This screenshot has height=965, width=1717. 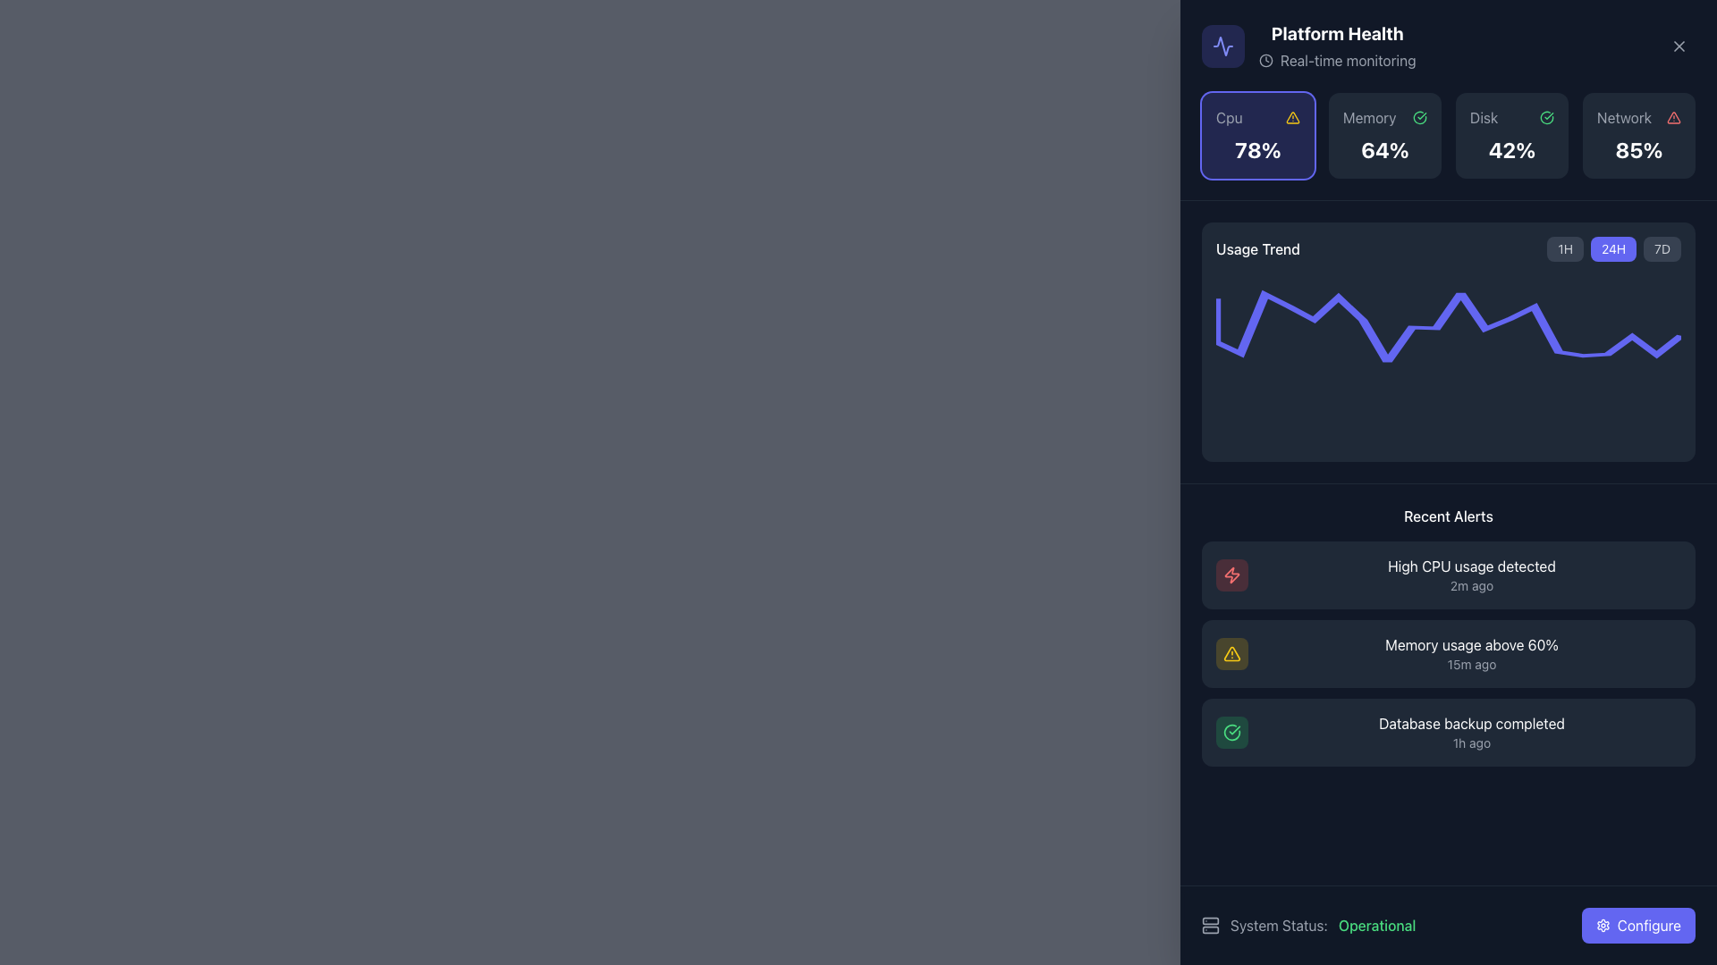 I want to click on the first Alert card in the 'Recent Alerts' section, so click(x=1472, y=575).